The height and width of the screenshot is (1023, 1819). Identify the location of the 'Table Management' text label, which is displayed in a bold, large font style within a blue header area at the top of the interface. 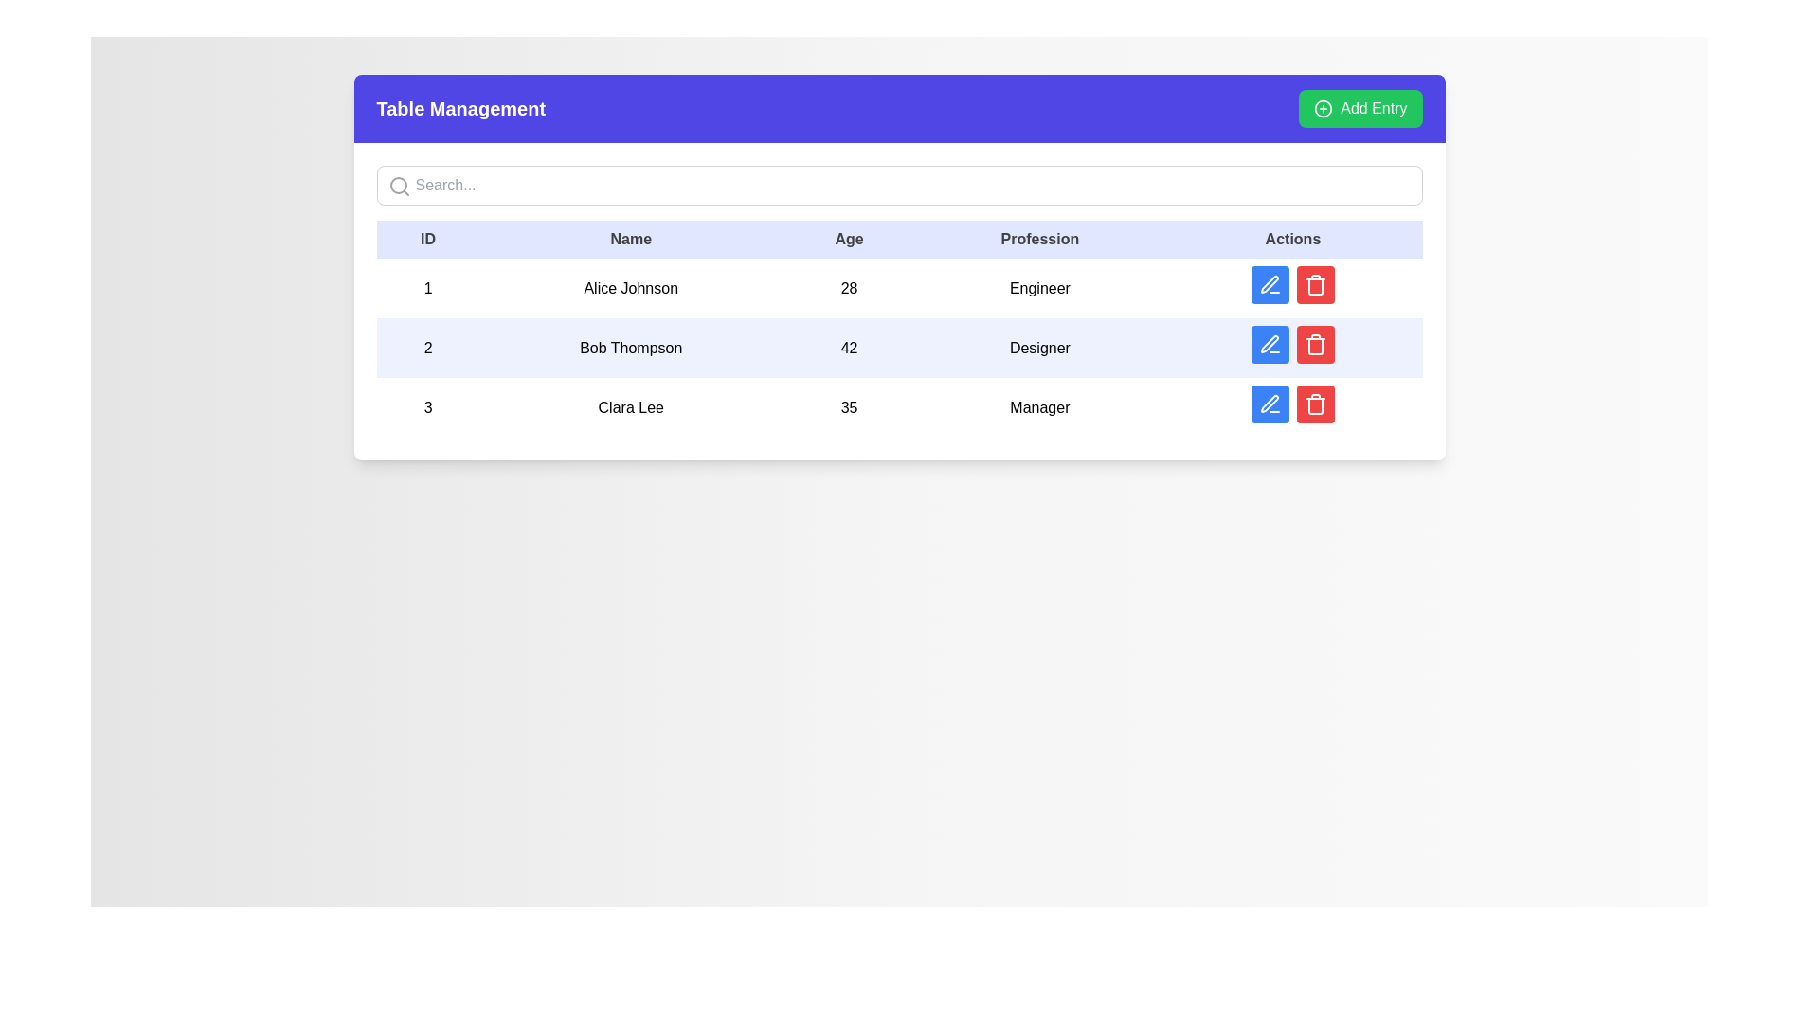
(460, 109).